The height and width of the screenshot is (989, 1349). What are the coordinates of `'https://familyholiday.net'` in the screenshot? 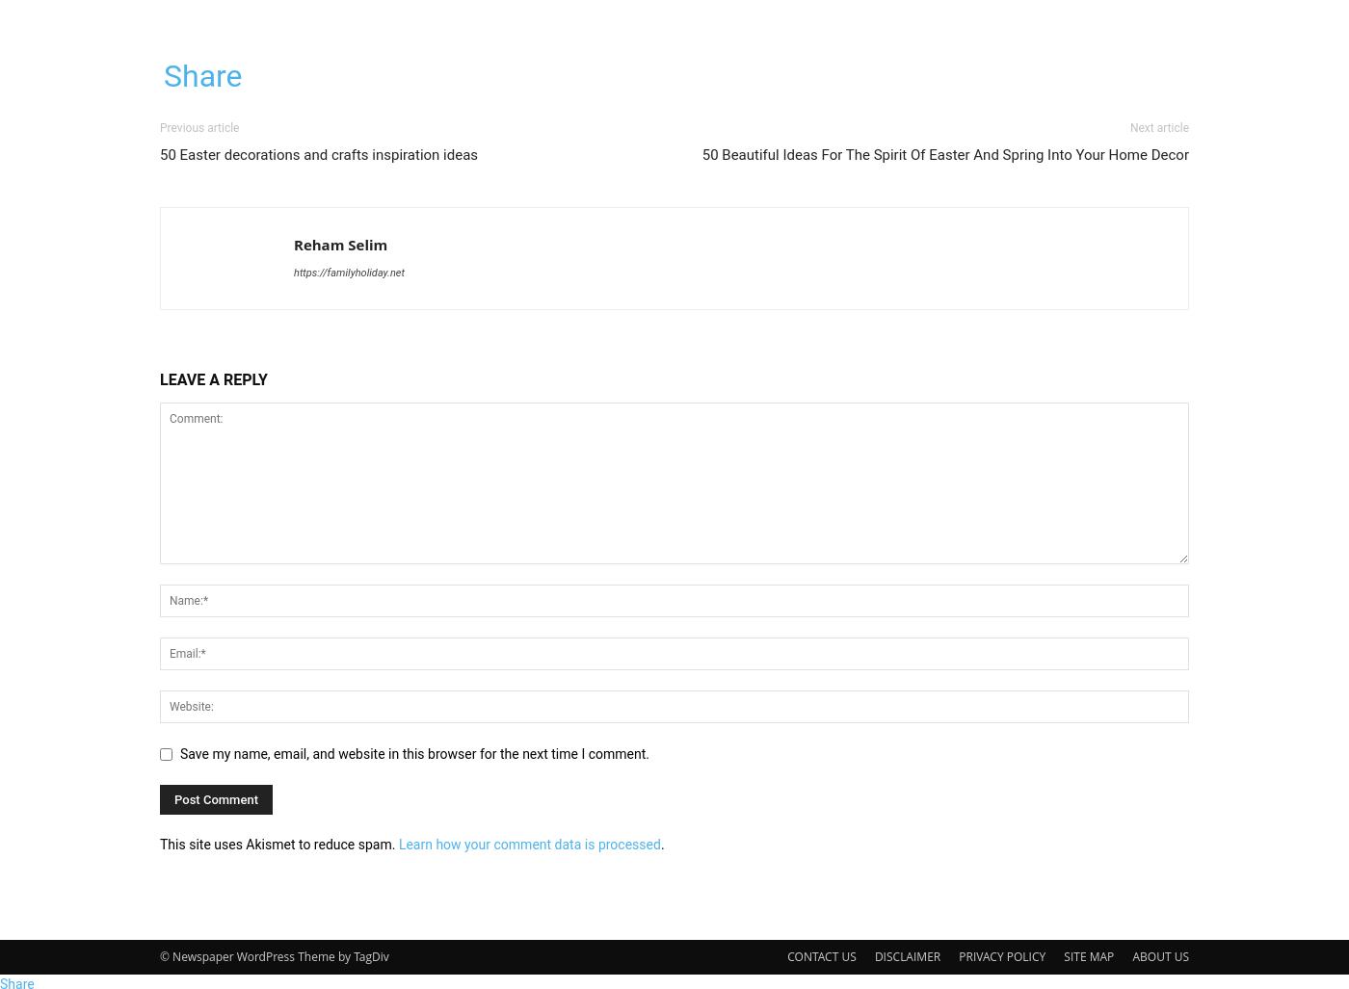 It's located at (349, 273).